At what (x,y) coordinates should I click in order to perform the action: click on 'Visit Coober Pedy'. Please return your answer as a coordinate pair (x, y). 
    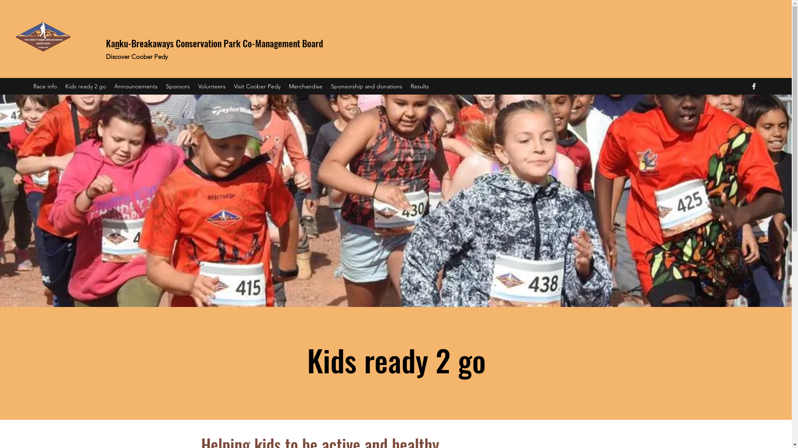
    Looking at the image, I should click on (257, 86).